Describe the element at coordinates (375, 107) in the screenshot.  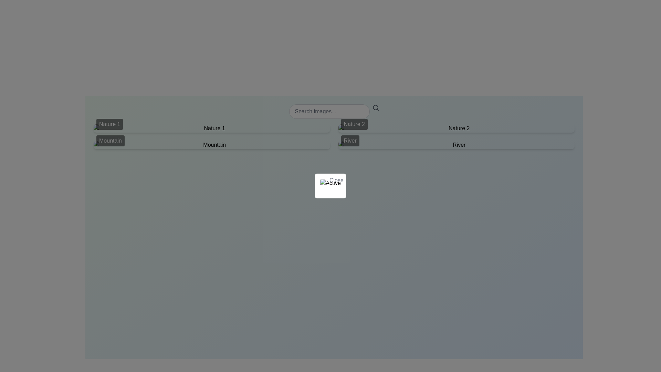
I see `the circular part of the search icon located near the top center of the interface, slightly offset to the right within a search field` at that location.